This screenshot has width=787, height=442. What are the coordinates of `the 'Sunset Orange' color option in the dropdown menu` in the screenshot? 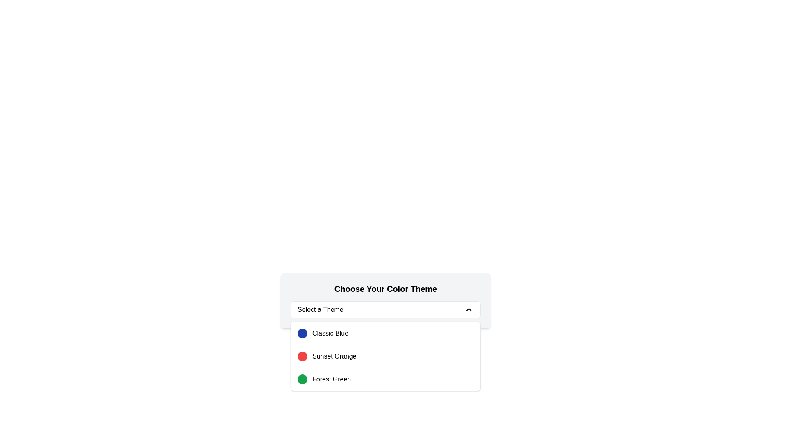 It's located at (385, 356).